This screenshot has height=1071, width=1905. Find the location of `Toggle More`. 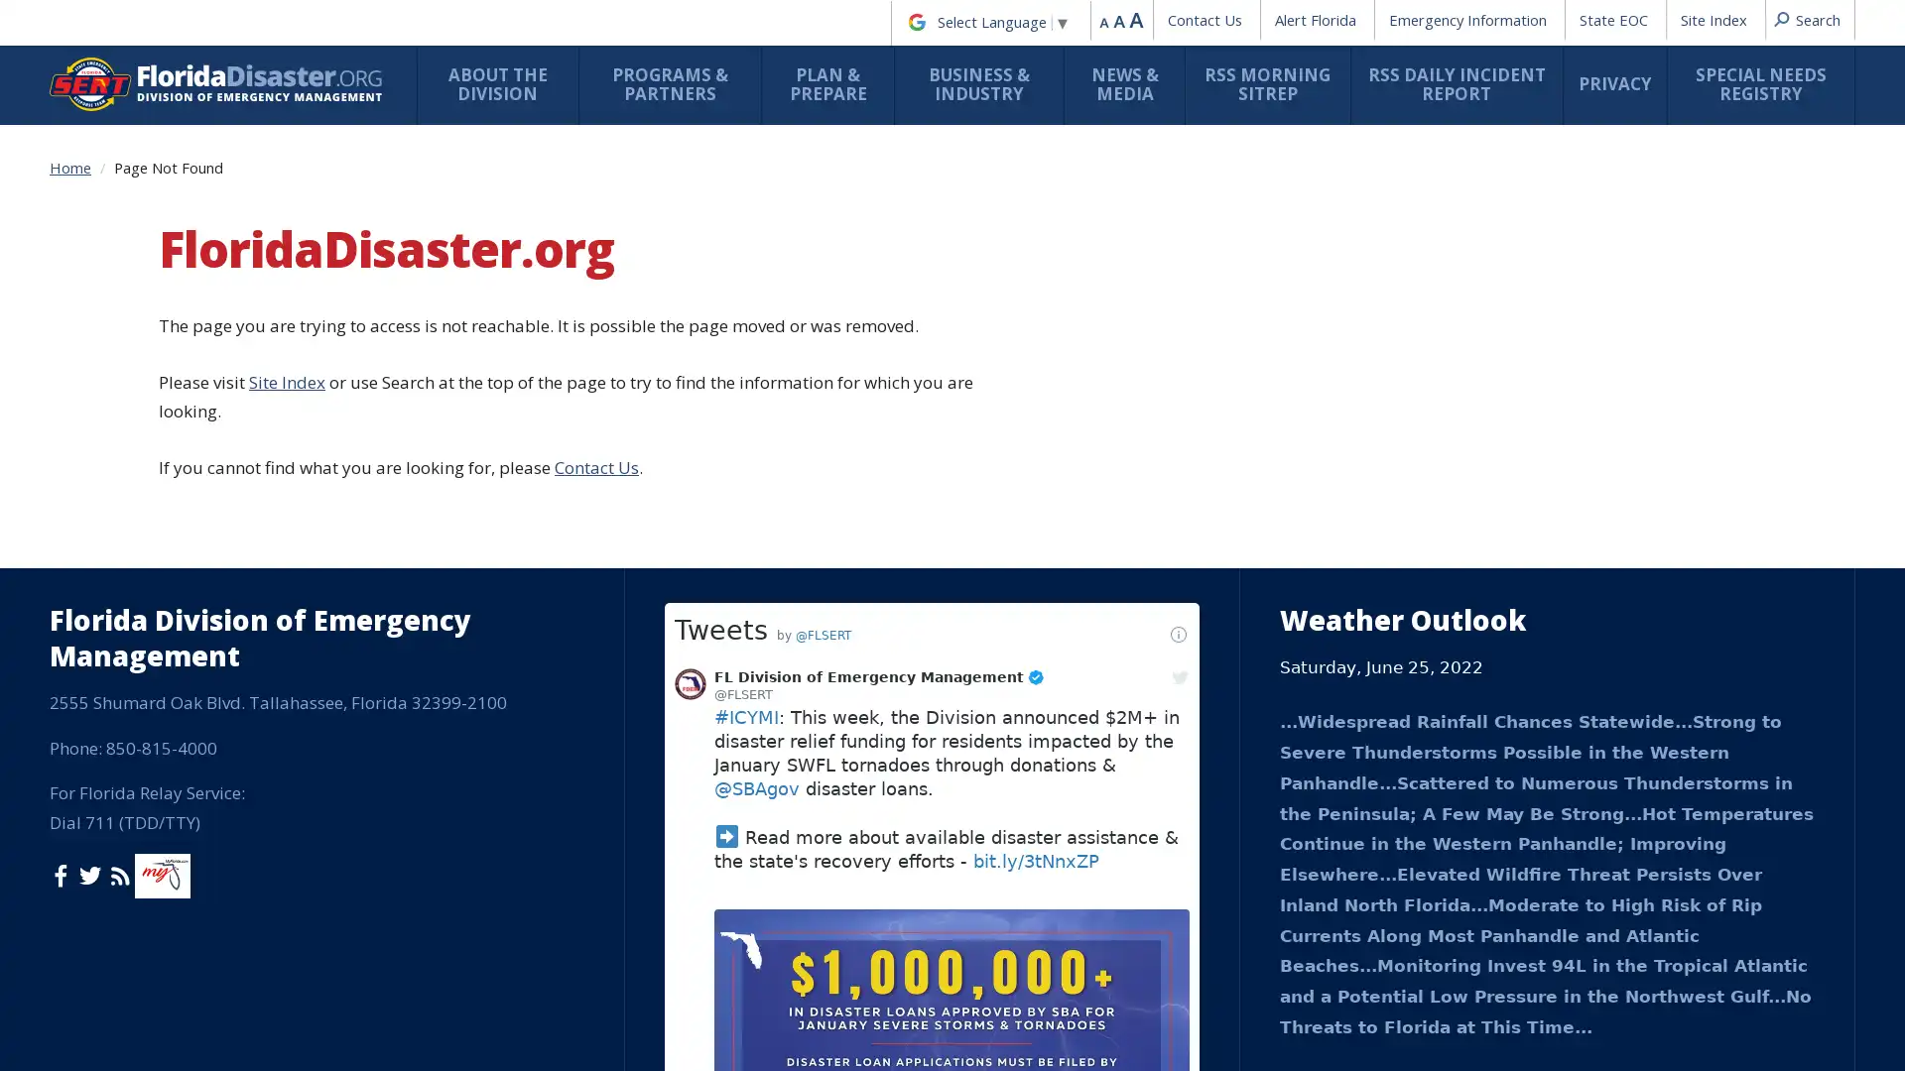

Toggle More is located at coordinates (795, 556).